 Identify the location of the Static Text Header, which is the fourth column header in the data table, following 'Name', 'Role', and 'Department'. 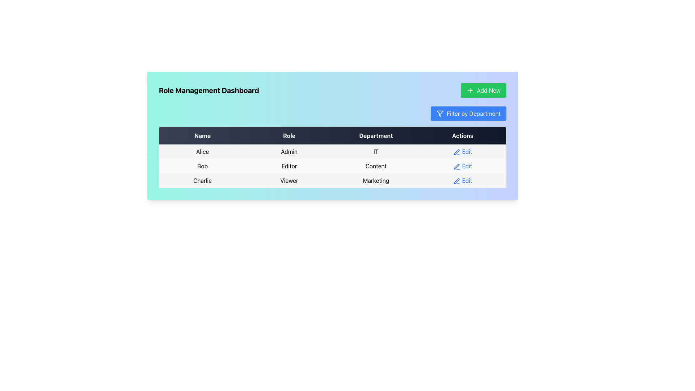
(462, 135).